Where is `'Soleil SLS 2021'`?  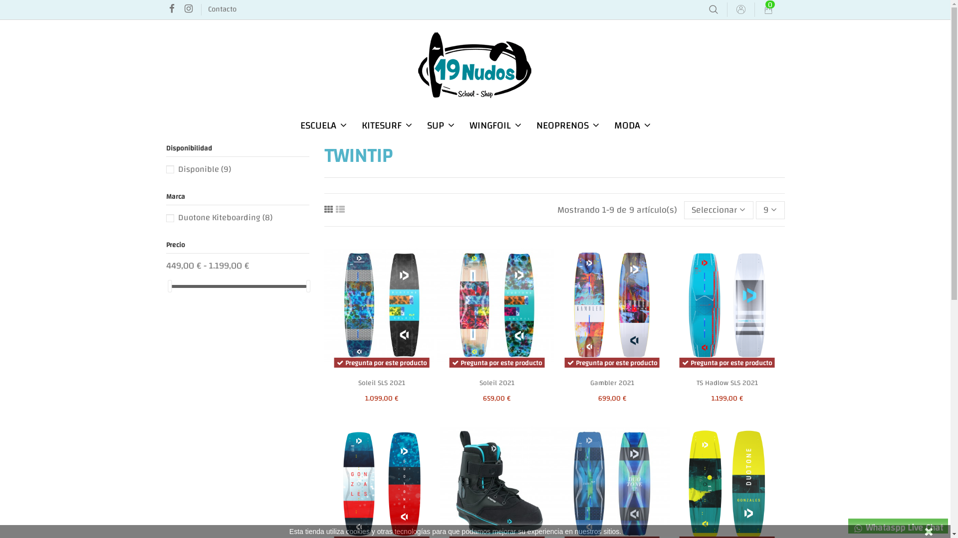
'Soleil SLS 2021' is located at coordinates (381, 382).